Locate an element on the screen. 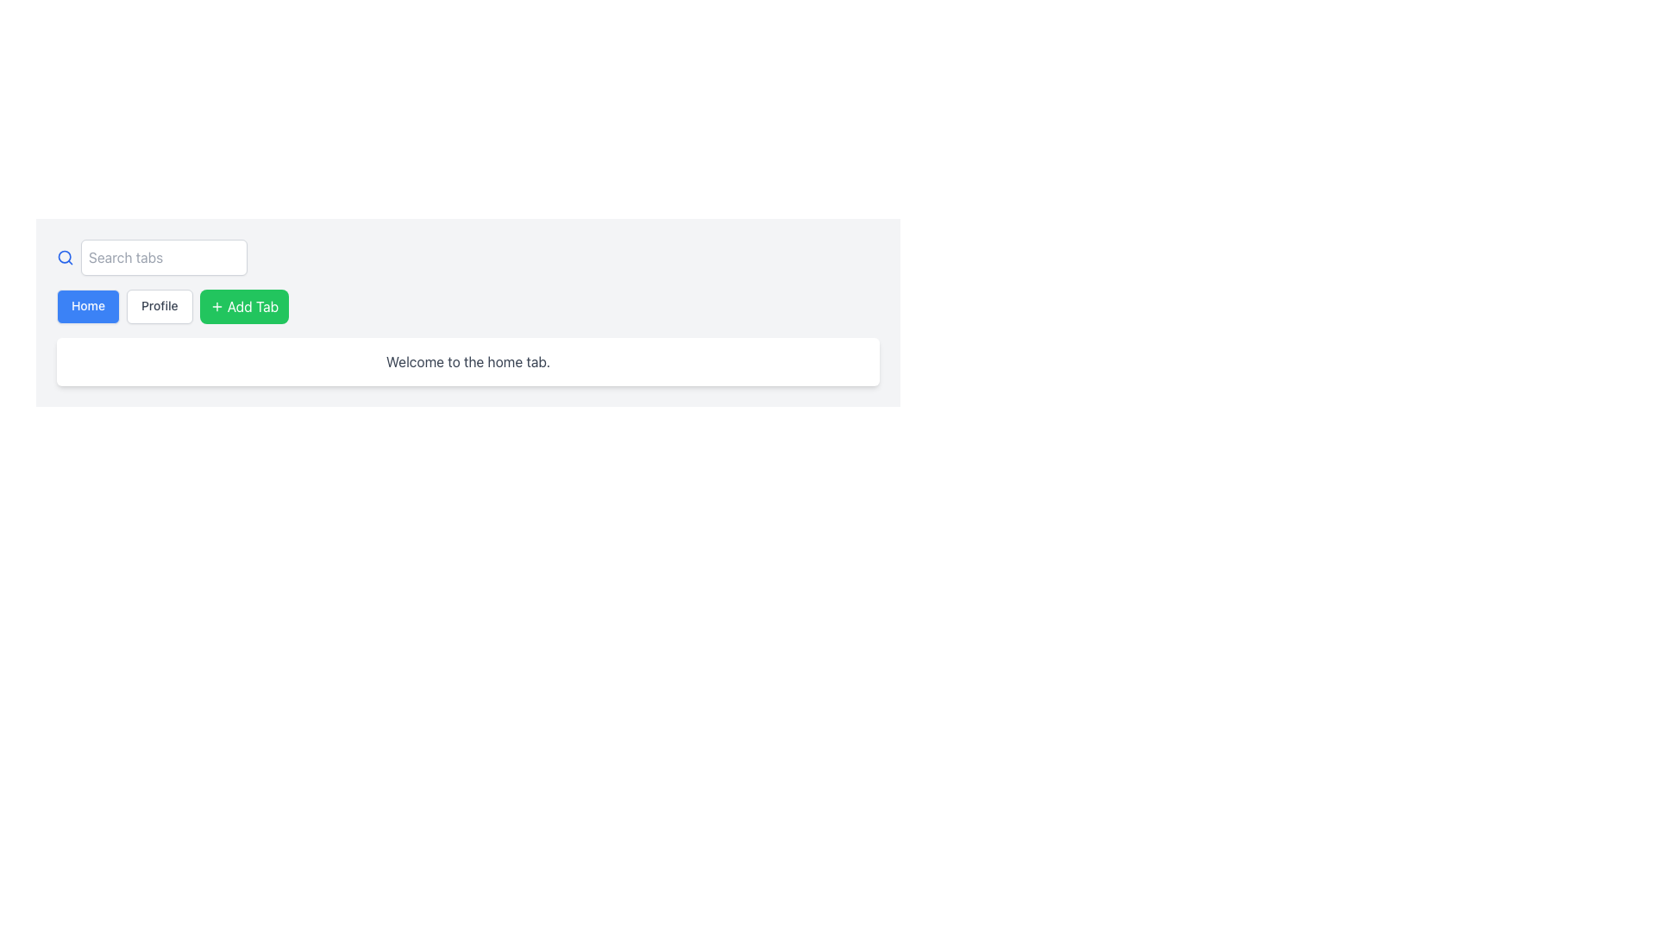 The image size is (1656, 931). the Text Display Area, which is a rectangular area with a white background and rounded corners containing the text 'Welcome to the home tab.' is located at coordinates (467, 361).